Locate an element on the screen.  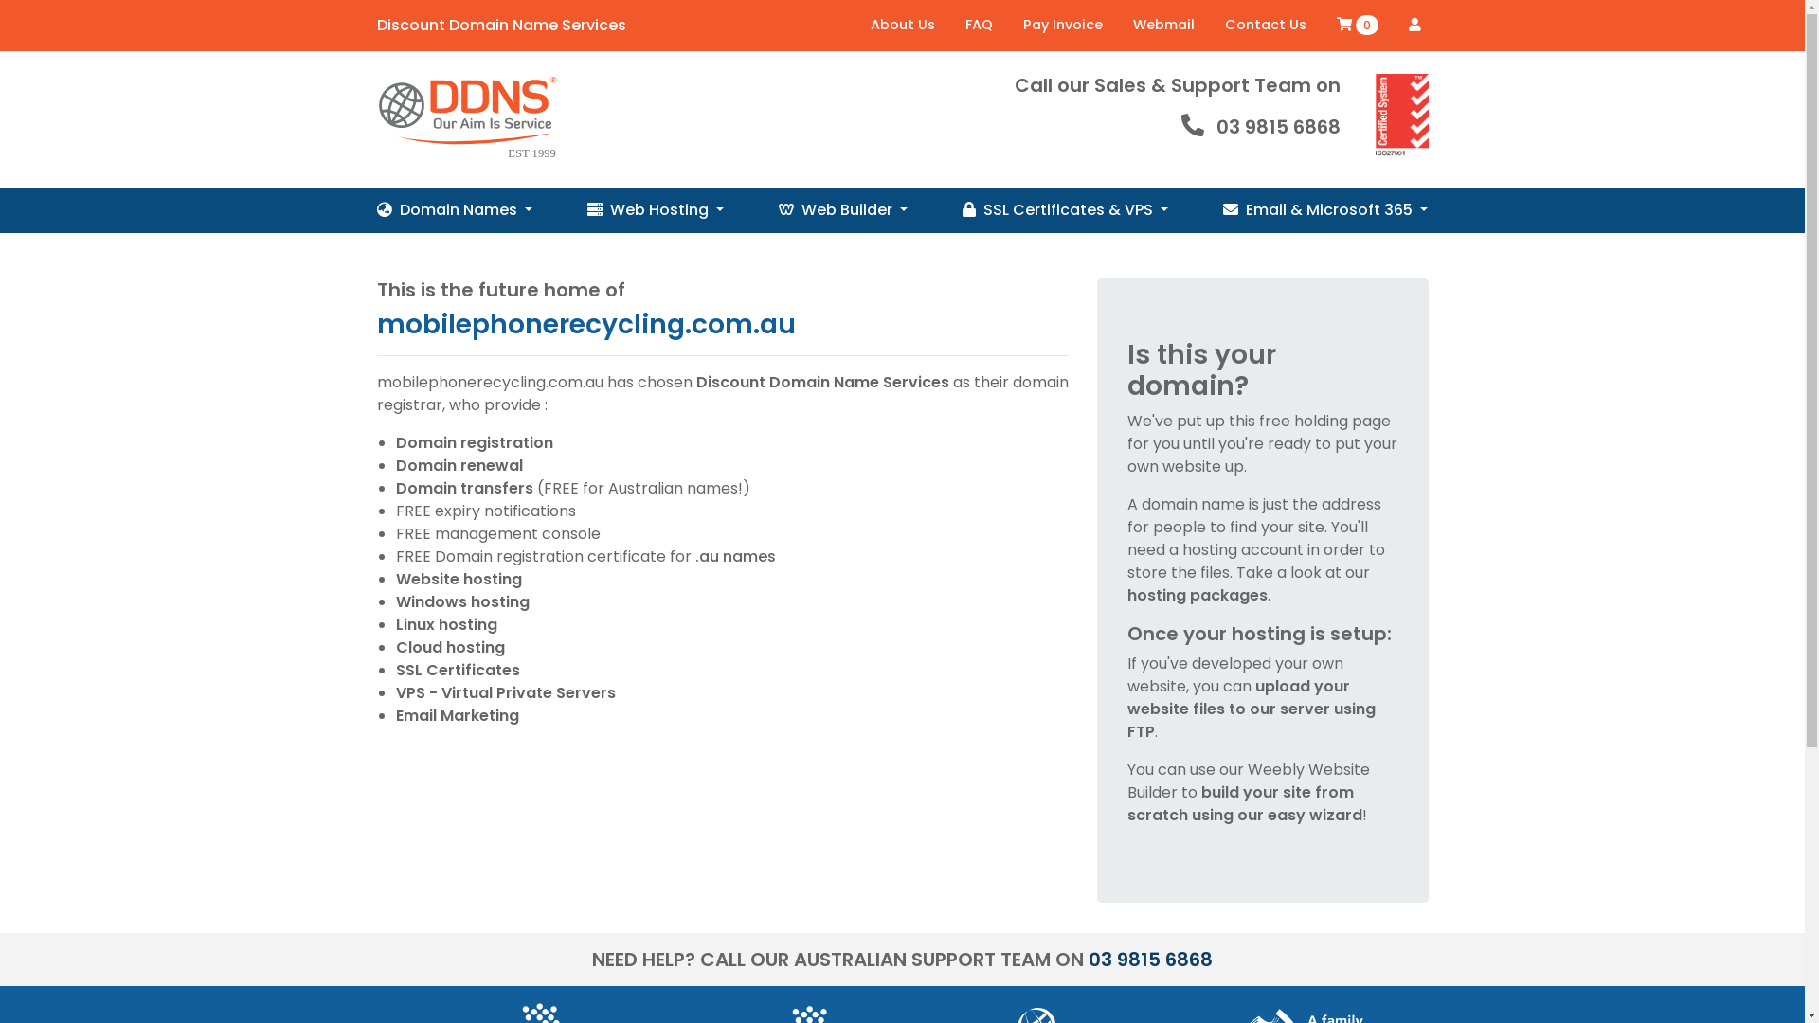
'VPS - Virtual Private Servers' is located at coordinates (505, 692).